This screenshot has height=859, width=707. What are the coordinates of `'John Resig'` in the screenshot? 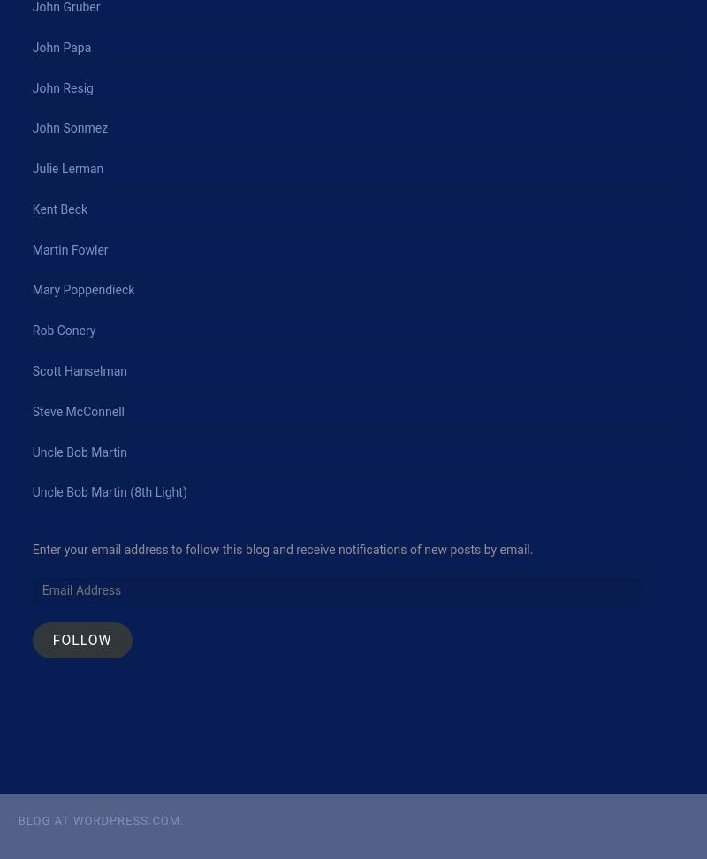 It's located at (62, 87).